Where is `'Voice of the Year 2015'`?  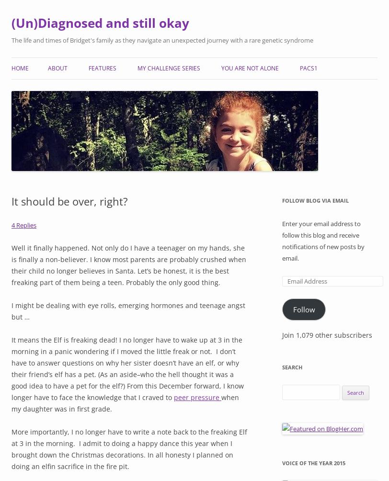
'Voice of the Year 2015' is located at coordinates (282, 462).